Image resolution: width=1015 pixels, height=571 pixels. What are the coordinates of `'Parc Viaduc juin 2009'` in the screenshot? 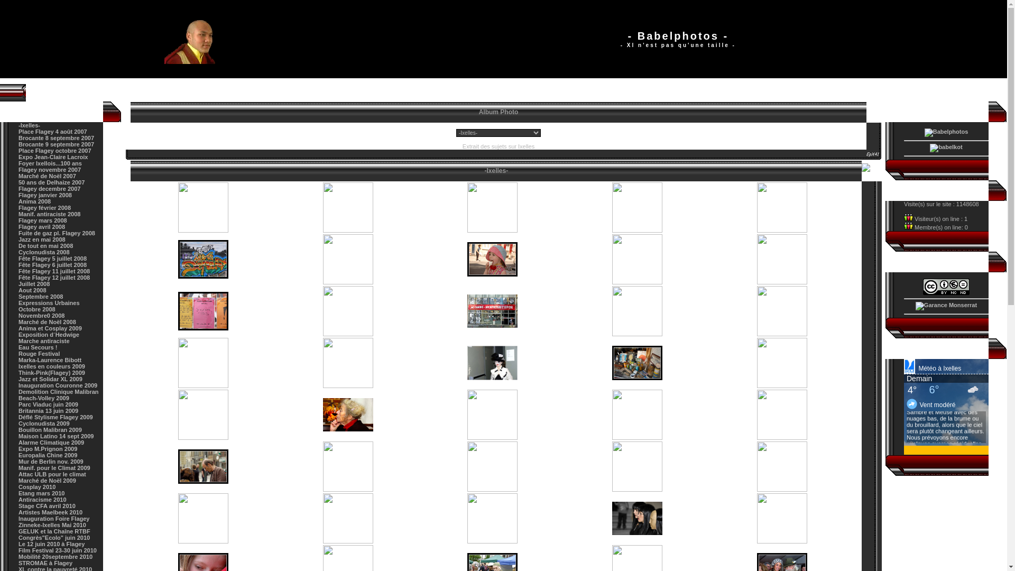 It's located at (48, 404).